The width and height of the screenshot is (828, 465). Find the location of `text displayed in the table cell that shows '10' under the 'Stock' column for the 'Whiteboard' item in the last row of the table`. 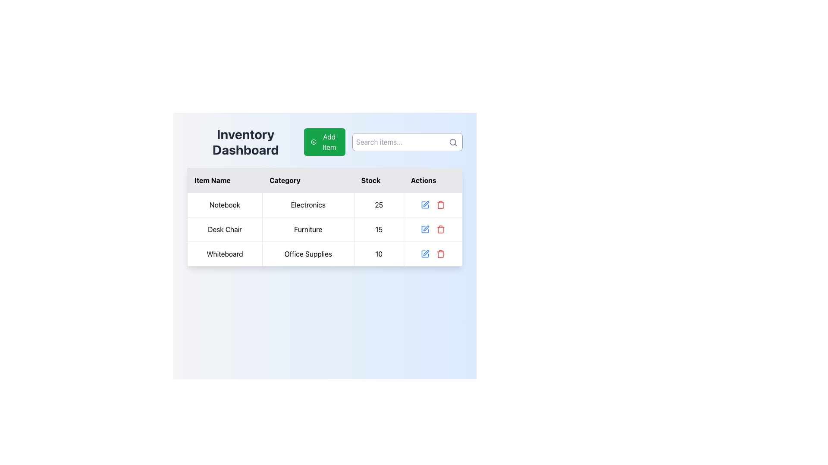

text displayed in the table cell that shows '10' under the 'Stock' column for the 'Whiteboard' item in the last row of the table is located at coordinates (379, 254).